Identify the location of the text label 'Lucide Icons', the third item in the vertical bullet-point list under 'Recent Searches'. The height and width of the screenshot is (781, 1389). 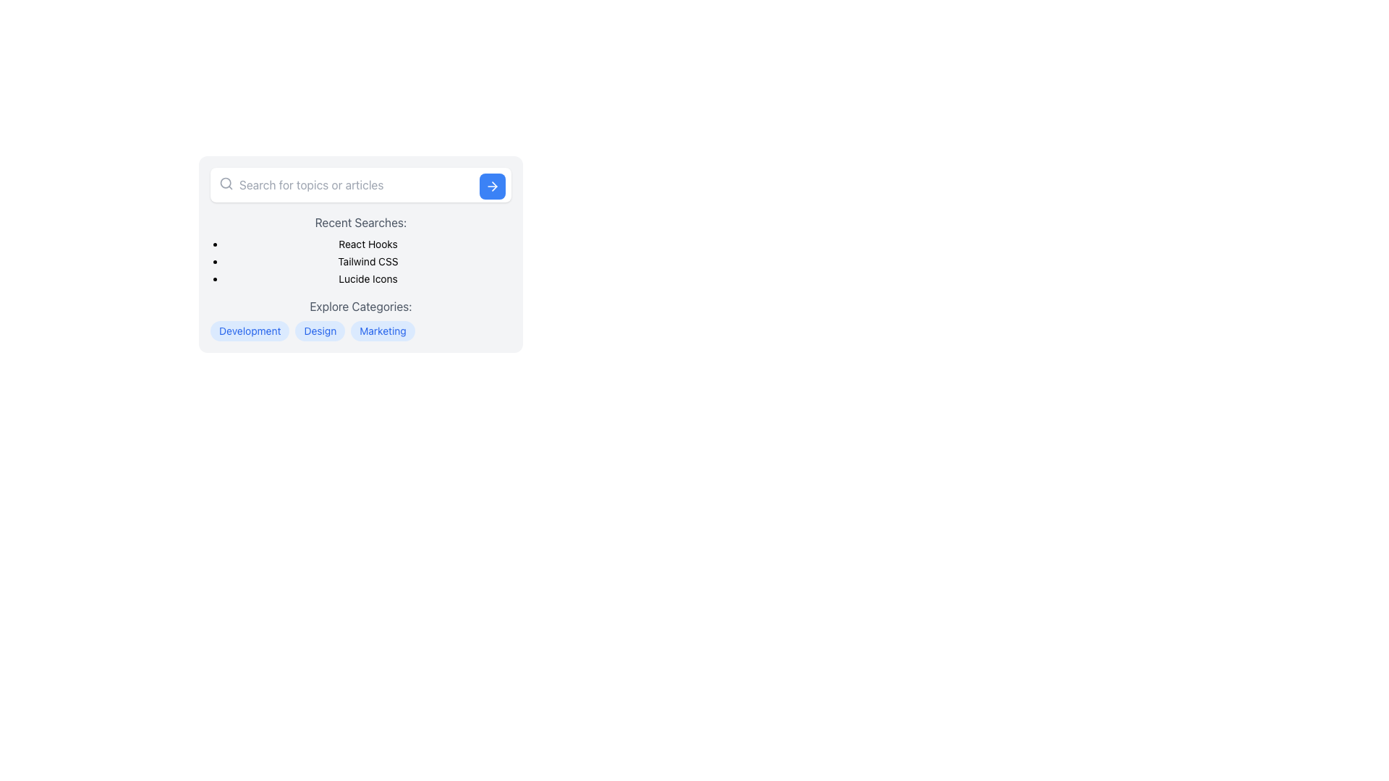
(368, 278).